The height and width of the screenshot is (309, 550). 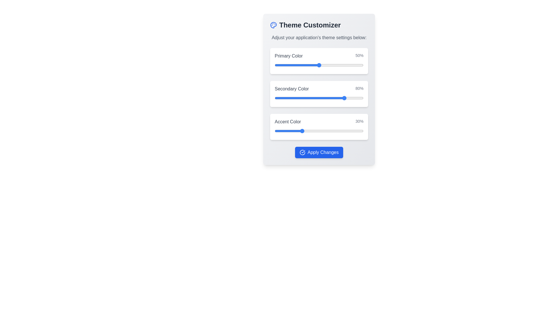 What do you see at coordinates (300, 98) in the screenshot?
I see `the secondary color value` at bounding box center [300, 98].